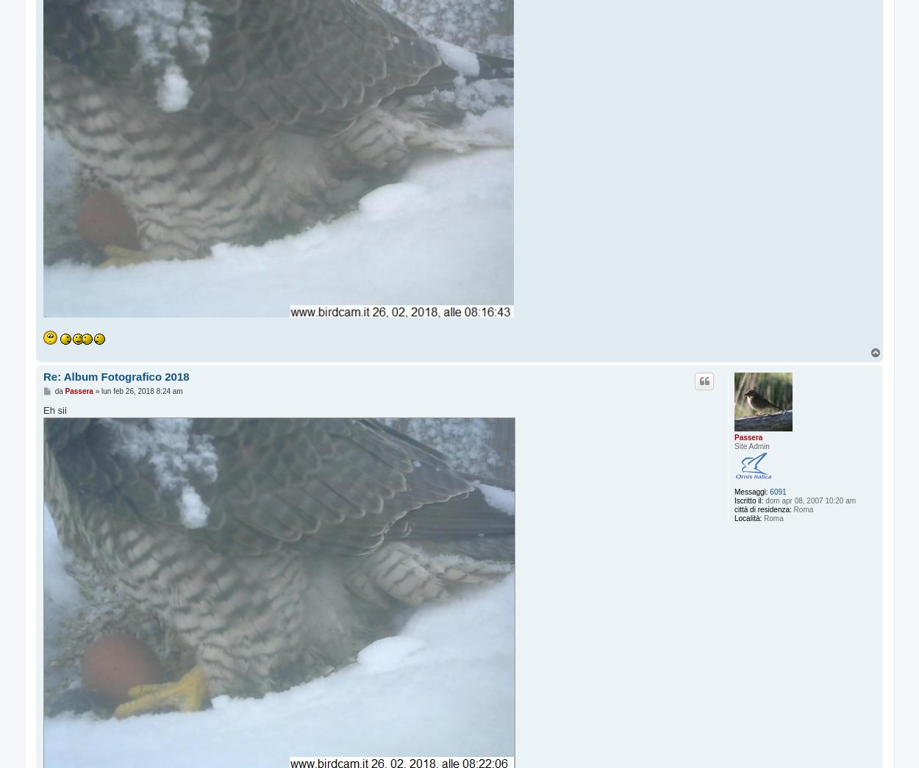 Image resolution: width=919 pixels, height=768 pixels. What do you see at coordinates (748, 500) in the screenshot?
I see `'Iscritto il:'` at bounding box center [748, 500].